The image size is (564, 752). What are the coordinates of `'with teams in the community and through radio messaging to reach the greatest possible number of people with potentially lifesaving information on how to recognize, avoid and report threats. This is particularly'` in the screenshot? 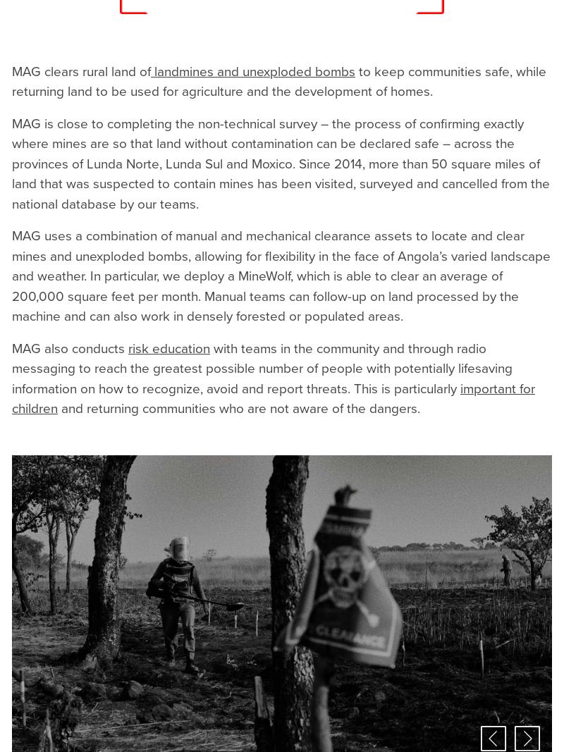 It's located at (262, 367).